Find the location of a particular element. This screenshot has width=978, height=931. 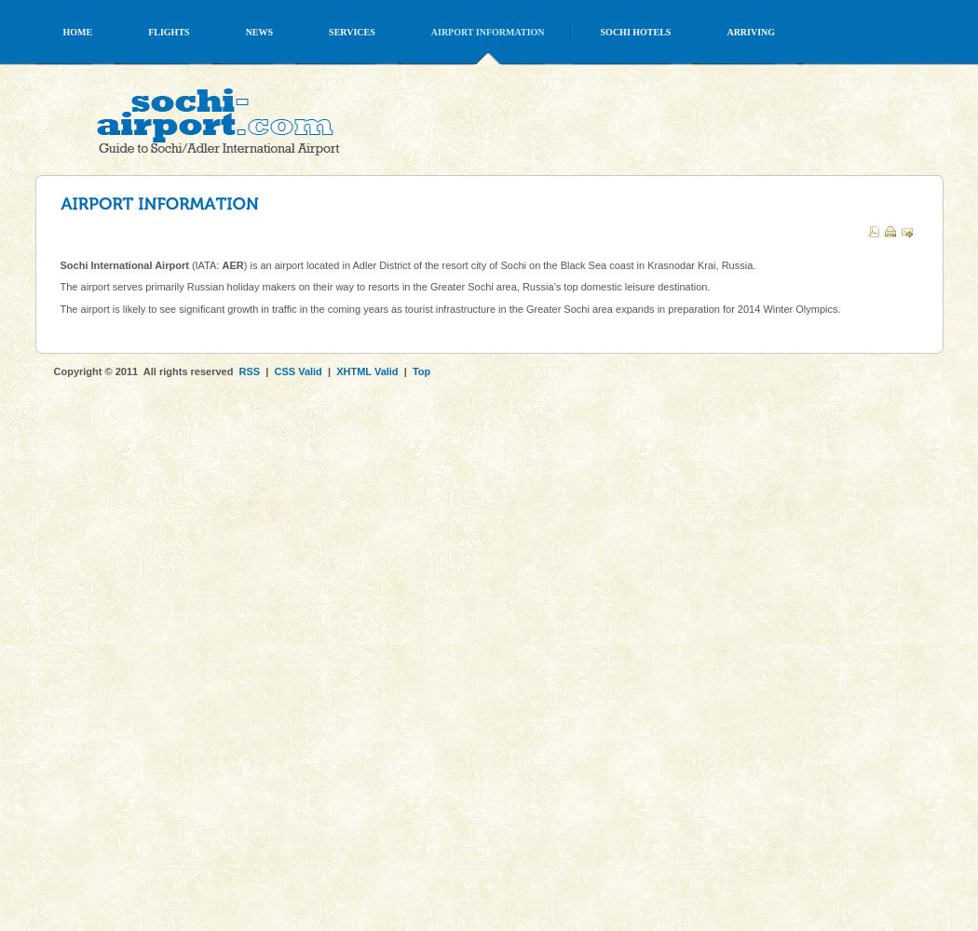

'The airport serves primarily Russian holiday makers on their way to resorts in the Greater Sochi area, Russia’s top domestic leisure destination.' is located at coordinates (384, 287).